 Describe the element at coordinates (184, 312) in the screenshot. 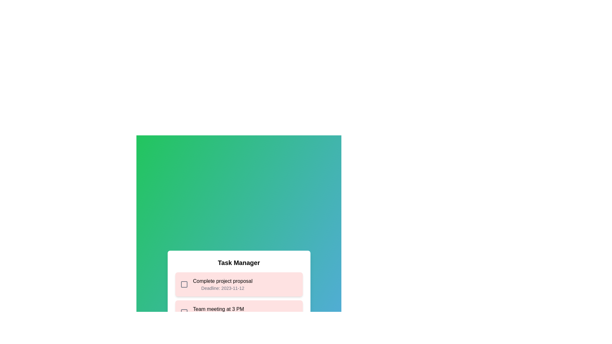

I see `the SVG graphical element located at the bottom-middle of the interface, adjacent to the task labeled 'Team meeting at 3 PM'` at that location.